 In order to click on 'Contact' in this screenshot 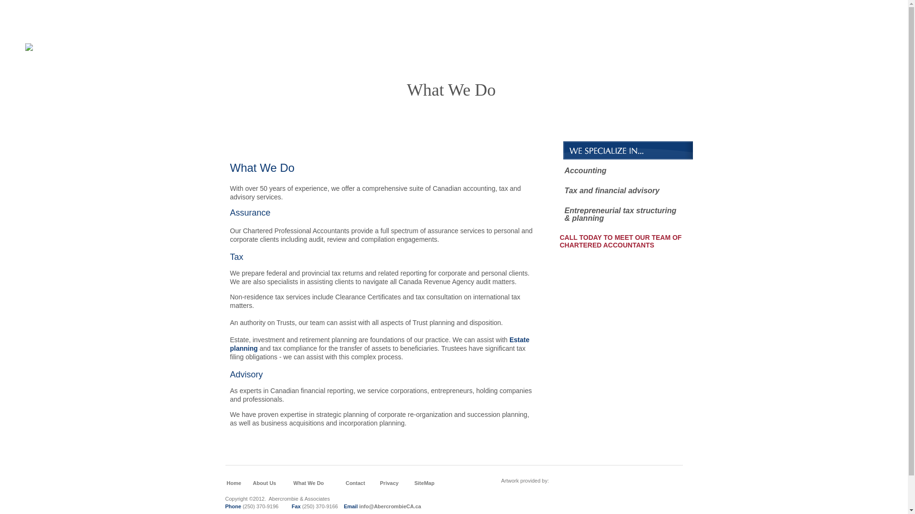, I will do `click(355, 483)`.